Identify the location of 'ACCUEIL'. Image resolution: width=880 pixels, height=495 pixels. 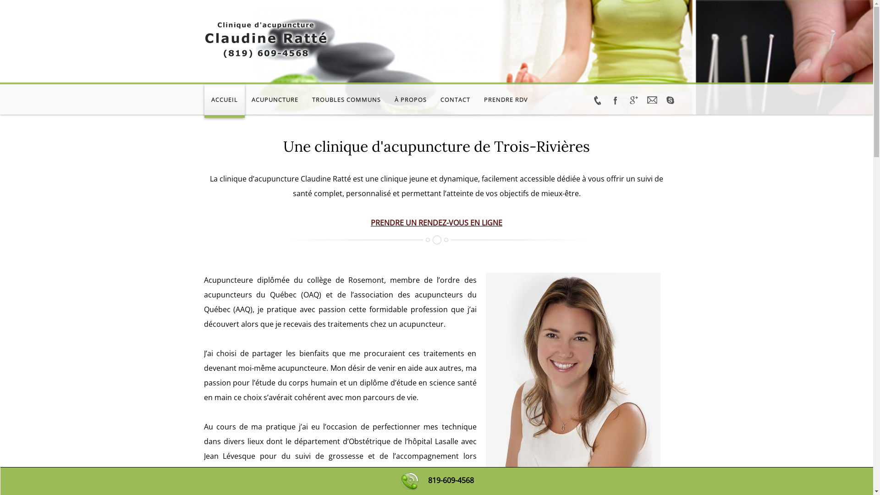
(224, 101).